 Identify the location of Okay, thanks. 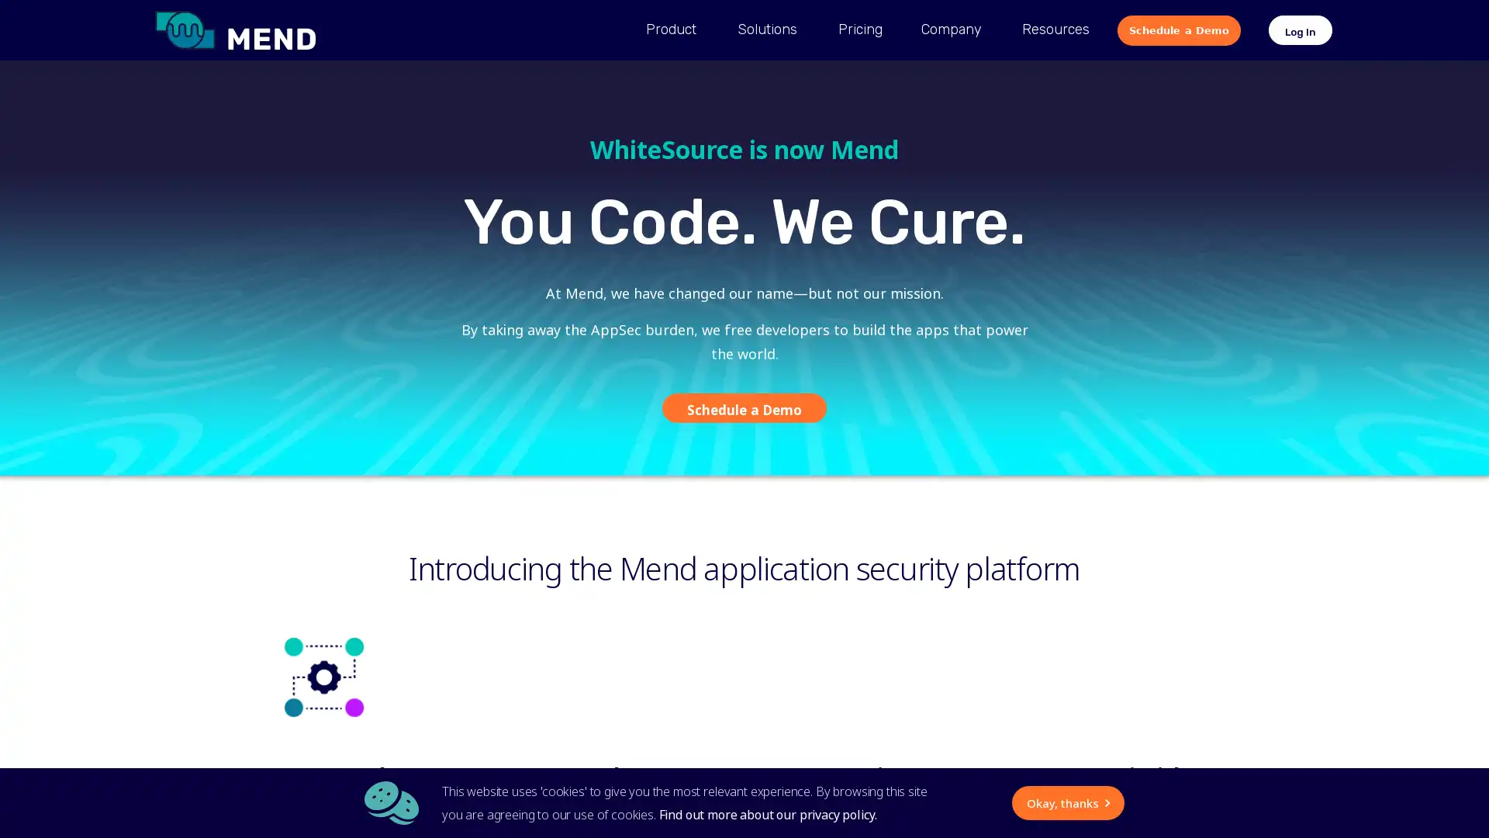
(921, 802).